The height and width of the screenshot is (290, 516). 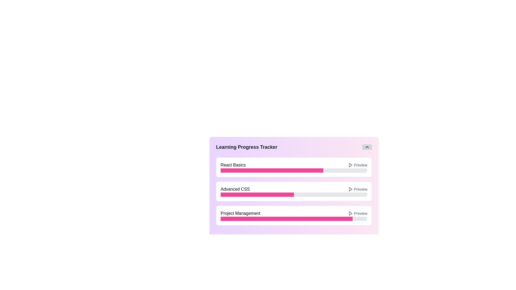 I want to click on a section of the progress bar within the 'Learning Progress Tracker' panel to indicate progress in that section, so click(x=294, y=186).